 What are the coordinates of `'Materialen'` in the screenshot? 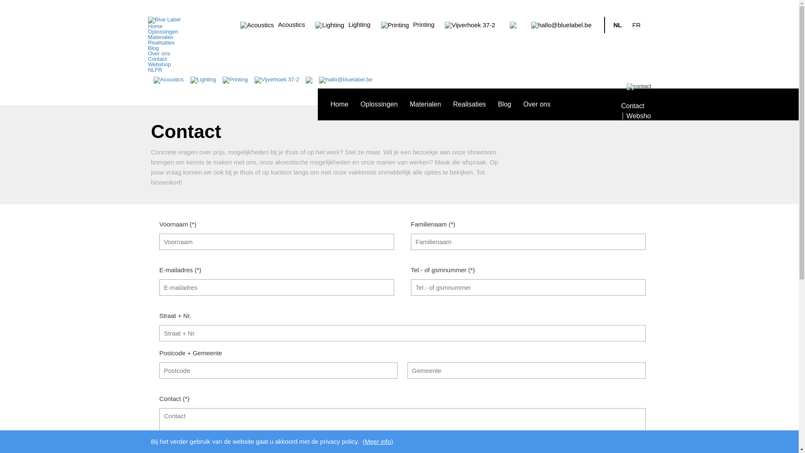 It's located at (425, 104).